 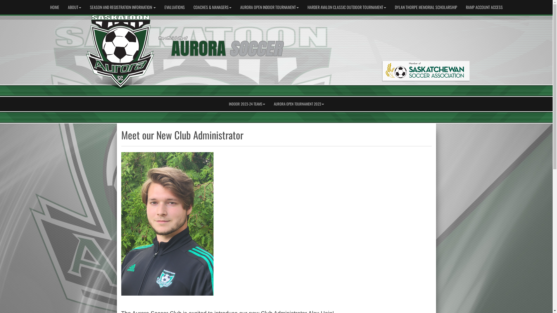 I want to click on 'SEASON AND REGISTRATION INFORMATION', so click(x=122, y=7).